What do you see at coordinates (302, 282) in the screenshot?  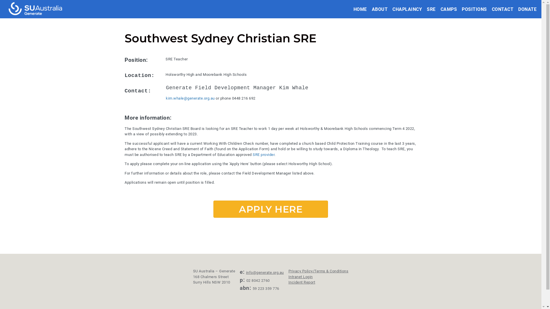 I see `'Incident Report'` at bounding box center [302, 282].